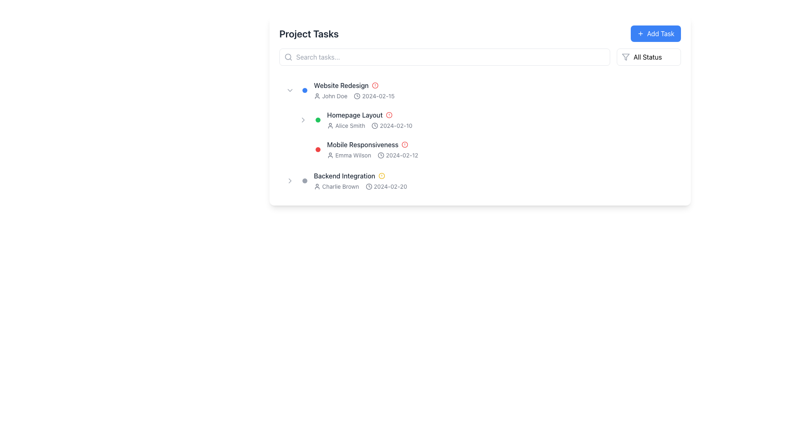 Image resolution: width=790 pixels, height=444 pixels. Describe the element at coordinates (495, 90) in the screenshot. I see `the task entry labeled 'Website Redesign'` at that location.